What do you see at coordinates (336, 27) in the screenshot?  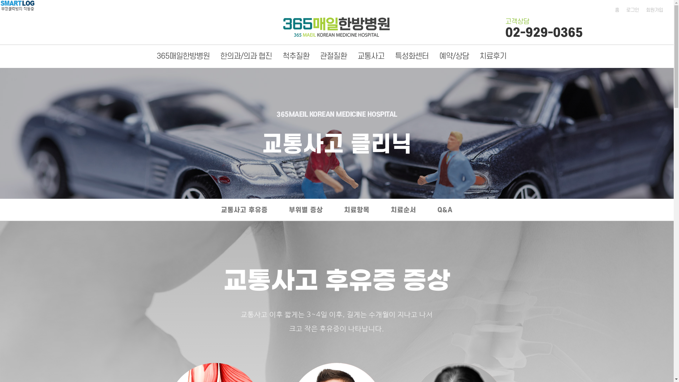 I see `'365-logo-final-fin-01'` at bounding box center [336, 27].